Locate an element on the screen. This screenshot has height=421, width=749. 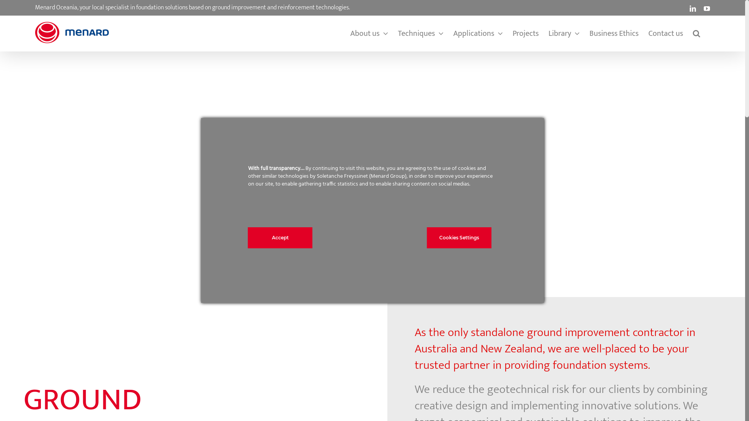
'Contact us' is located at coordinates (665, 33).